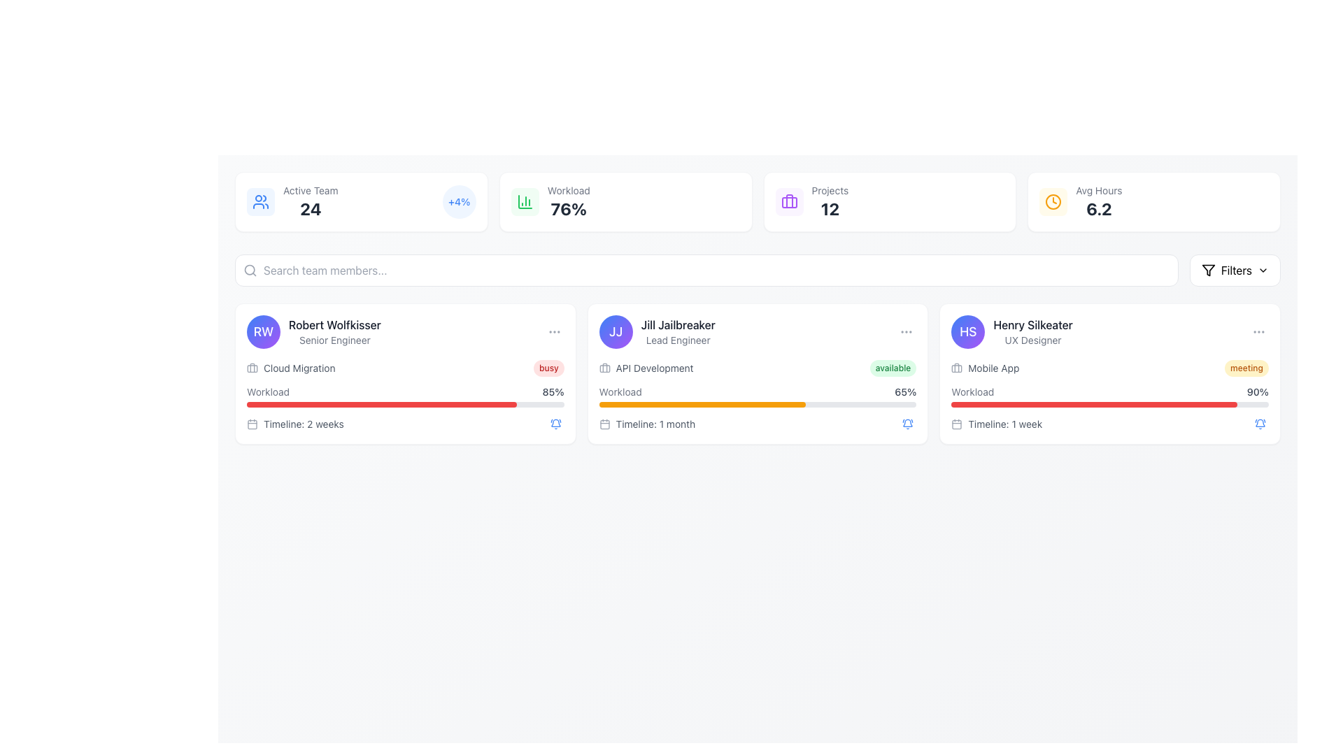 This screenshot has width=1343, height=755. I want to click on the icon depicting two abstract human silhouettes, styled with a blue color, located in the top information cards beside the label 'Active Team' and the numeric display '24', so click(261, 202).